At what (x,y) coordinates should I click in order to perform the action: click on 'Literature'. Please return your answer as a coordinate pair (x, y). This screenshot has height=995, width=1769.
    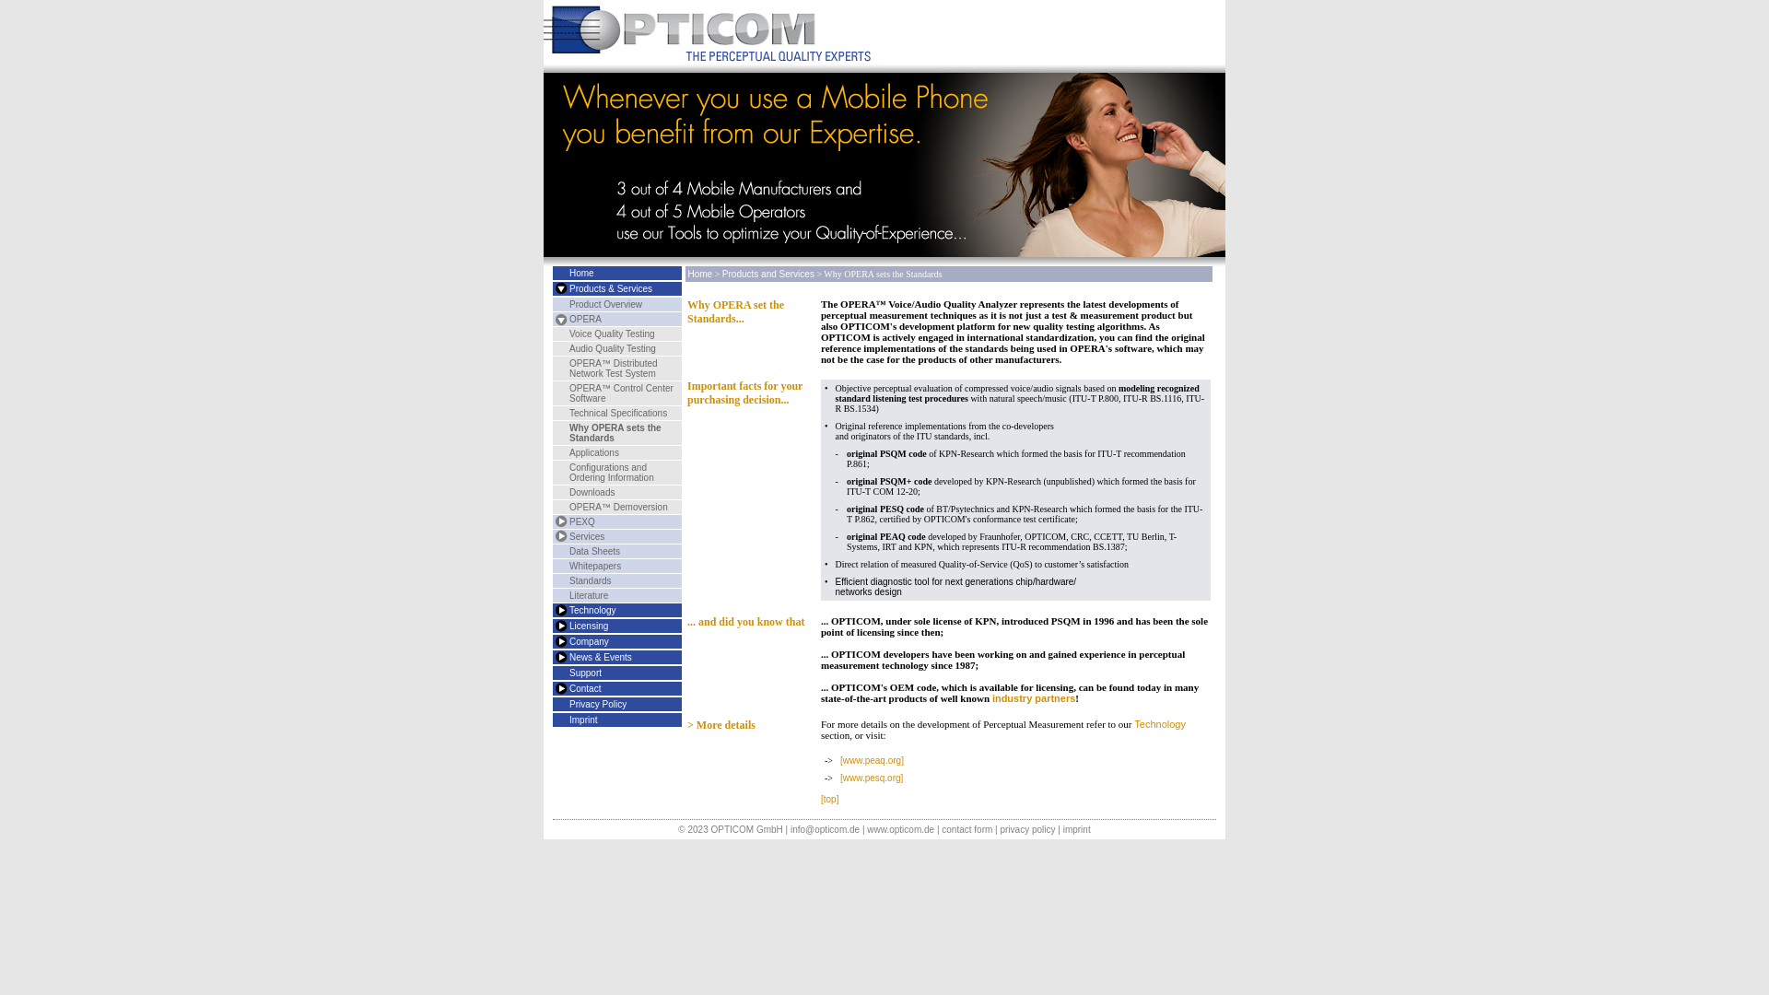
    Looking at the image, I should click on (587, 595).